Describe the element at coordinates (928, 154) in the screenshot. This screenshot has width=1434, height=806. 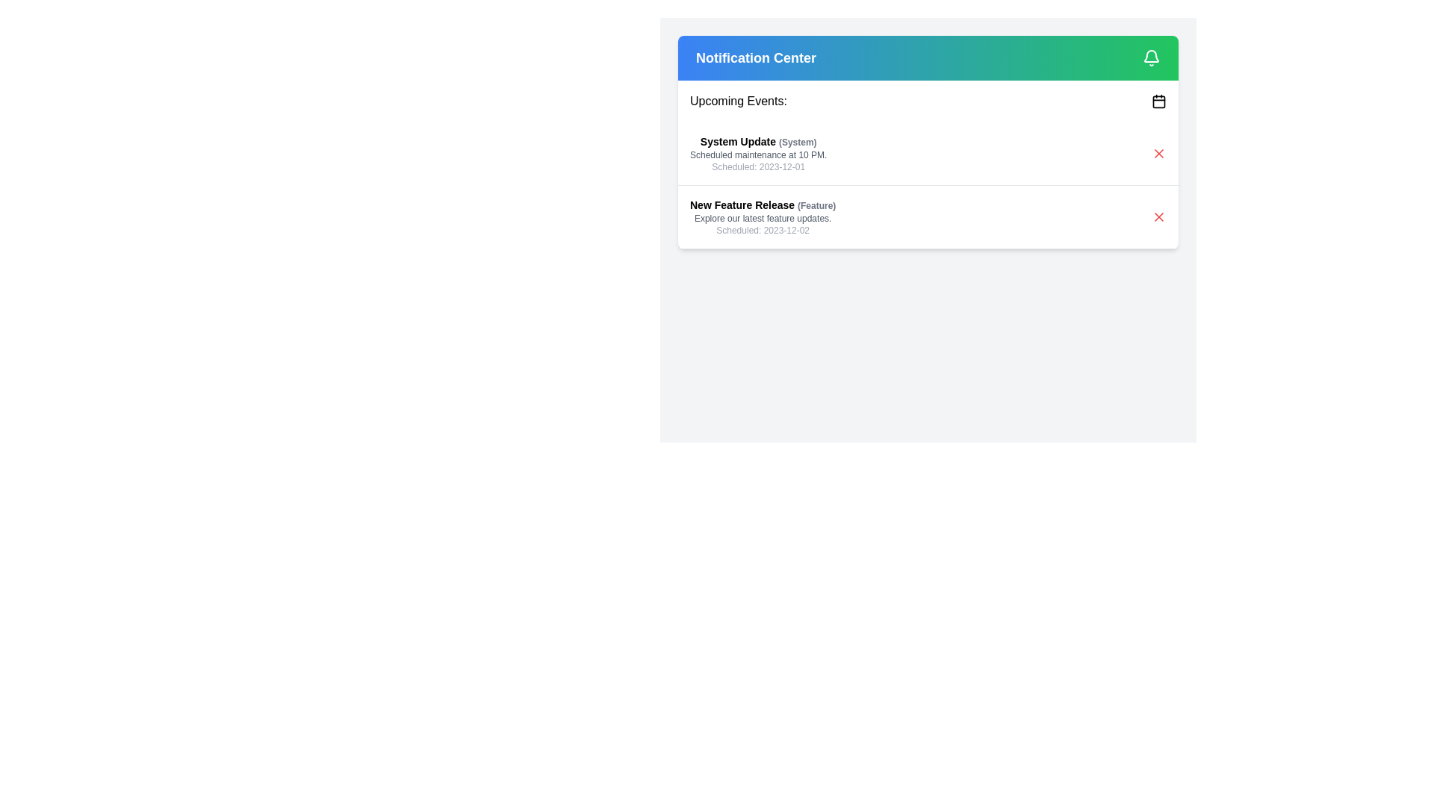
I see `notification details for the event titled 'System Update (System)' in the 'Upcoming Events' section of the 'Notification Center' panel` at that location.